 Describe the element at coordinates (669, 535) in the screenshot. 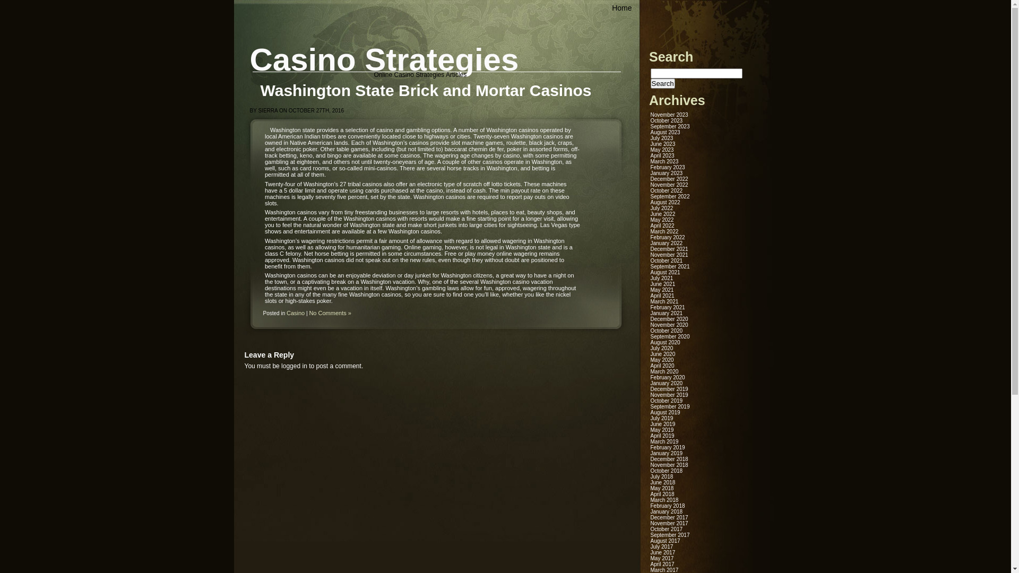

I see `'September 2017'` at that location.